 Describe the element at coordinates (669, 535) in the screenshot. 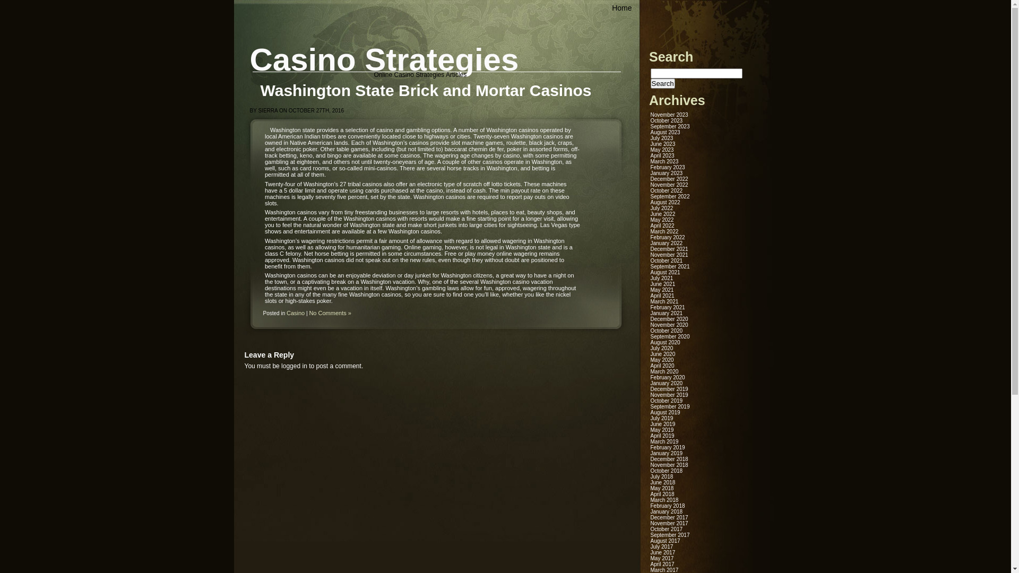

I see `'September 2017'` at that location.